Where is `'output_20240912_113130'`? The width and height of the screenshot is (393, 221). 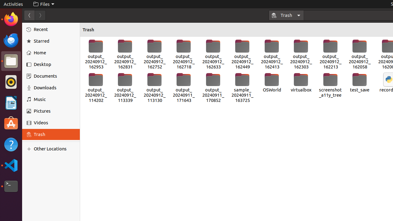 'output_20240912_113130' is located at coordinates (154, 88).